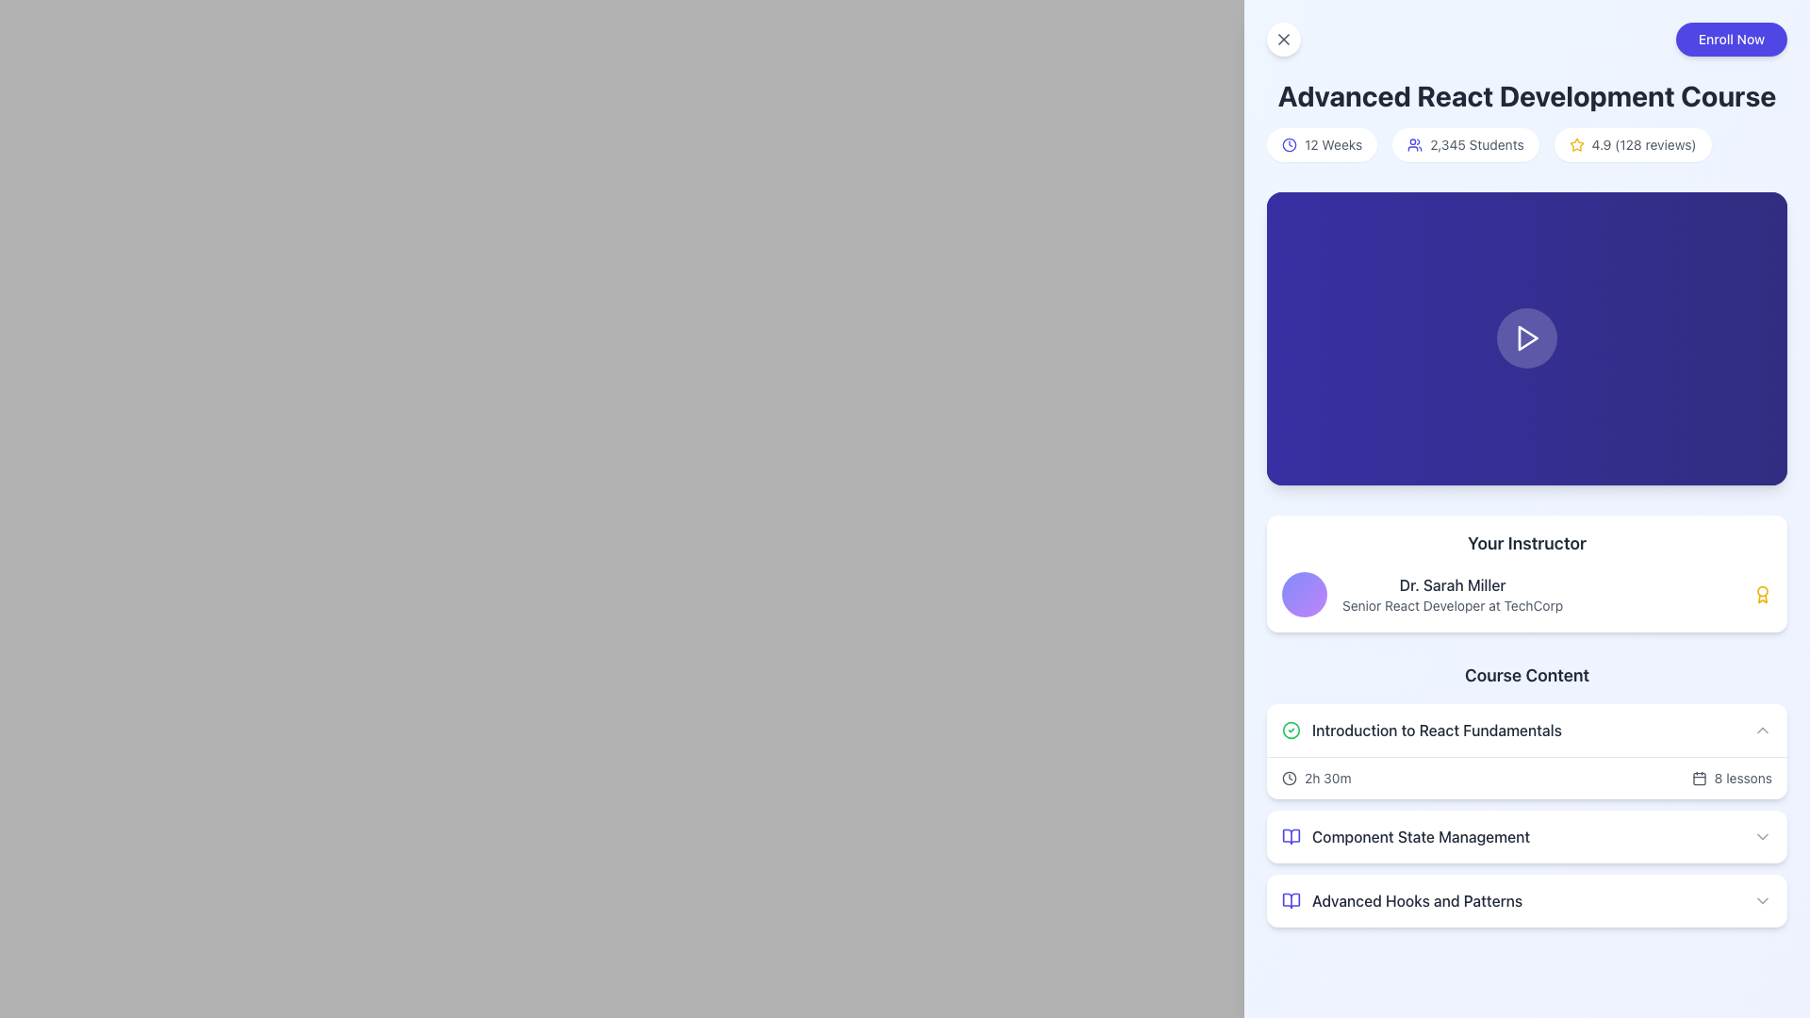 The height and width of the screenshot is (1018, 1810). I want to click on the text label displaying '12 Weeks' which is styled with a smaller gray font and located in the course details section after the time representation icon, so click(1332, 144).